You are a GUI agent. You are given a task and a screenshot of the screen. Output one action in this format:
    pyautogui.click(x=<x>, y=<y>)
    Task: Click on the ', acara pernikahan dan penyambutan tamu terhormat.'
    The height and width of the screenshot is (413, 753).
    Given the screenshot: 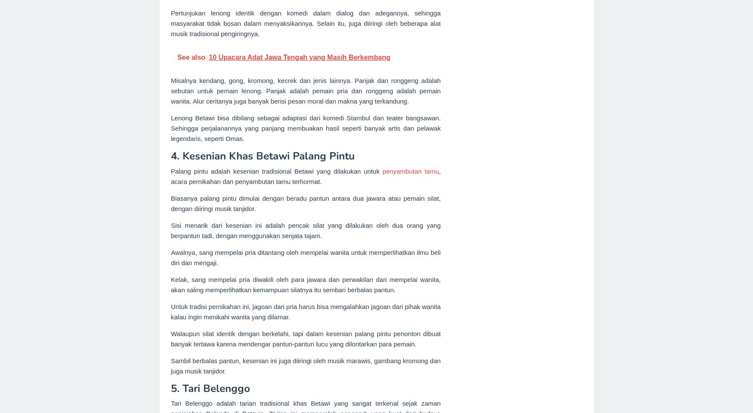 What is the action you would take?
    pyautogui.click(x=305, y=176)
    